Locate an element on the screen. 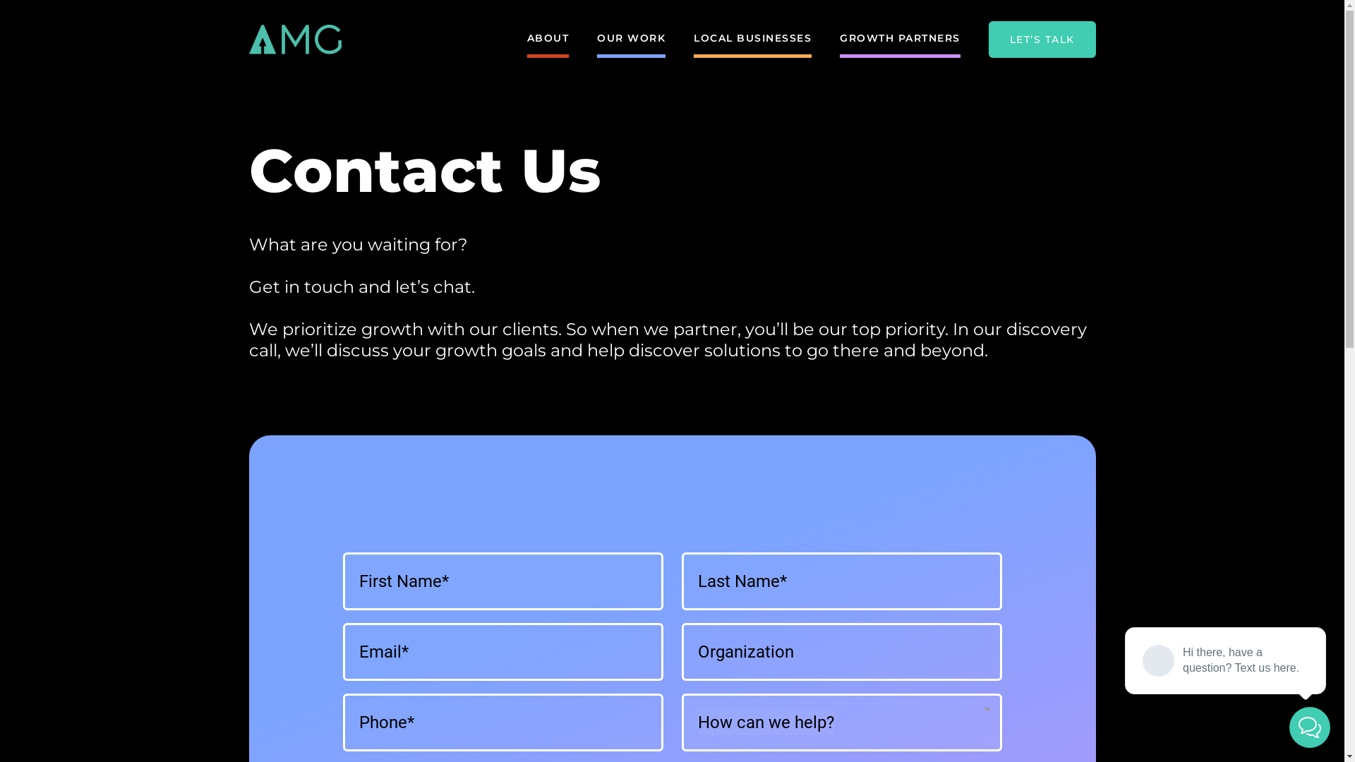  'ABOUT' is located at coordinates (547, 39).